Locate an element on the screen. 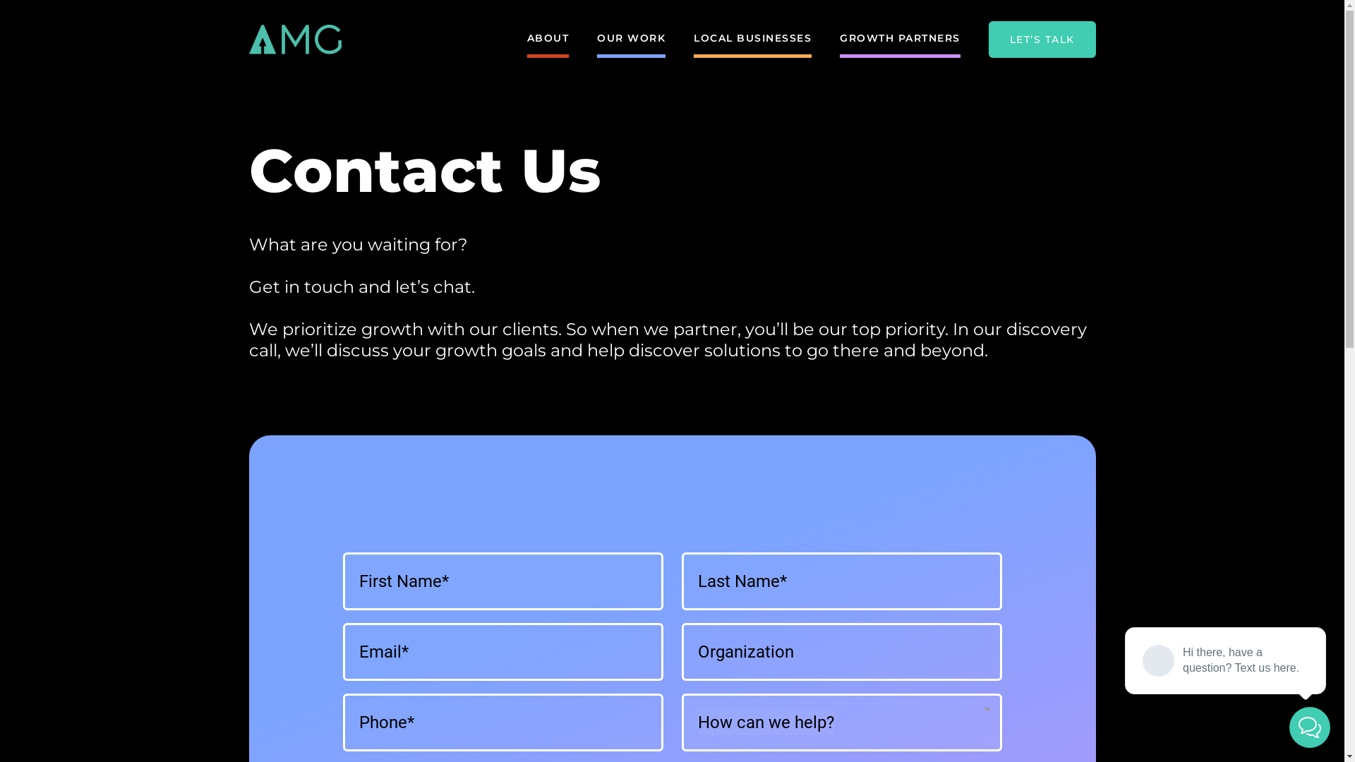  'ABOUT' is located at coordinates (547, 39).